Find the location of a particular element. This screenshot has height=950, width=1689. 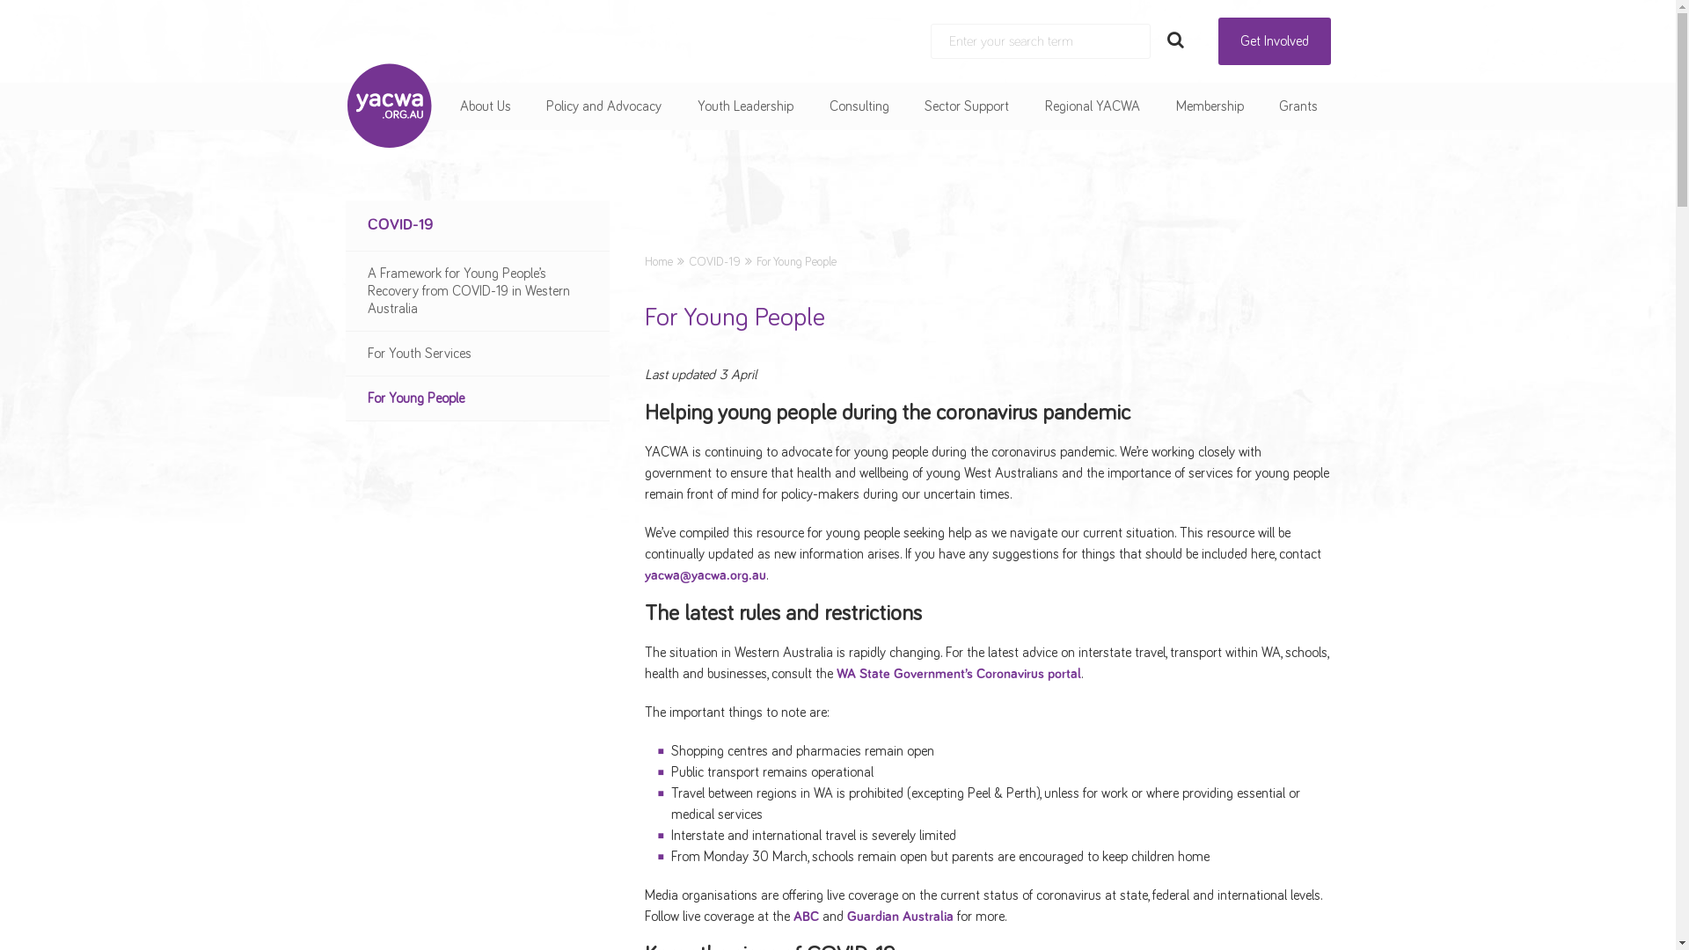

'Grants' is located at coordinates (1298, 106).